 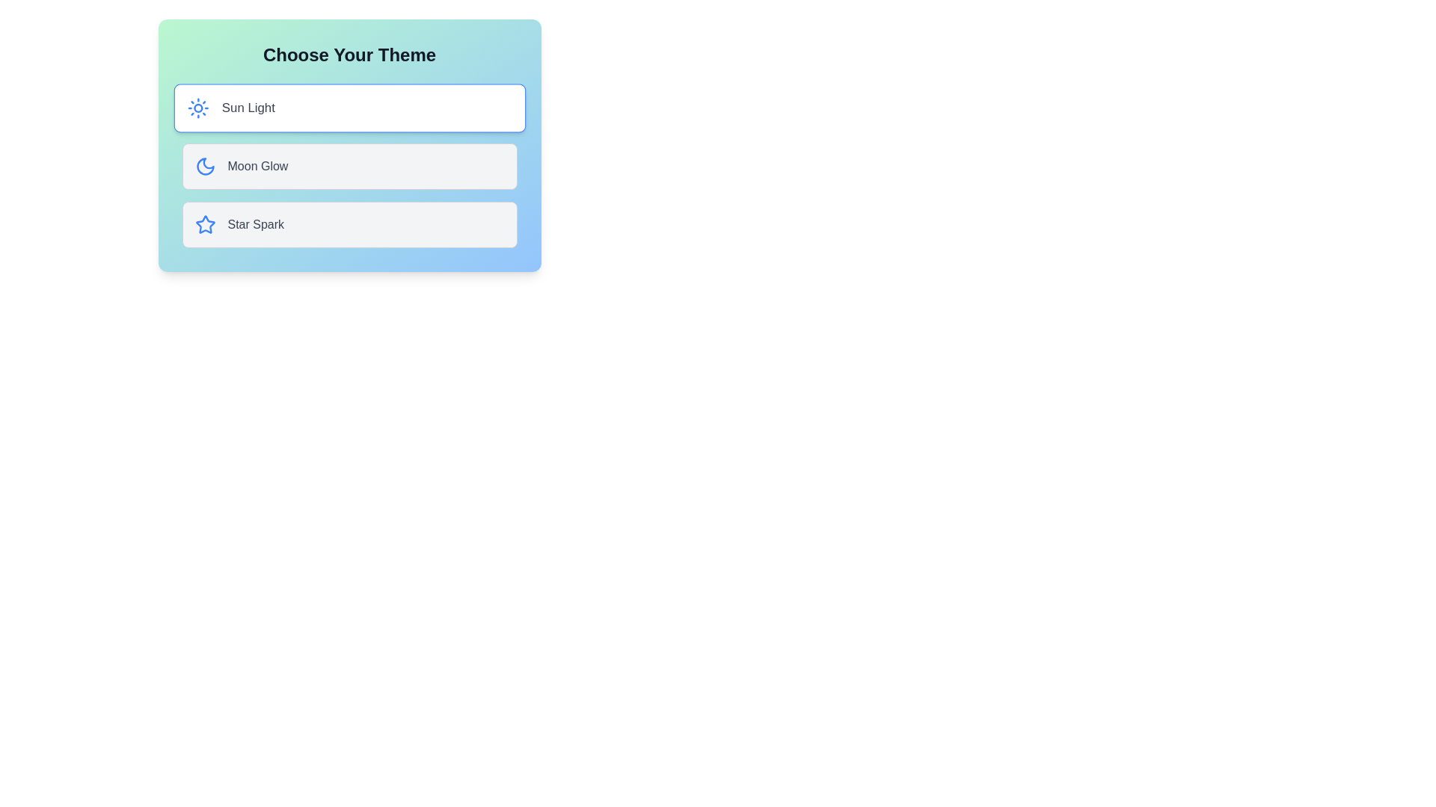 I want to click on the 'Moon Glow' option in the theme selection menu, which is the second item in the list under 'Choose Your Theme.', so click(x=349, y=167).